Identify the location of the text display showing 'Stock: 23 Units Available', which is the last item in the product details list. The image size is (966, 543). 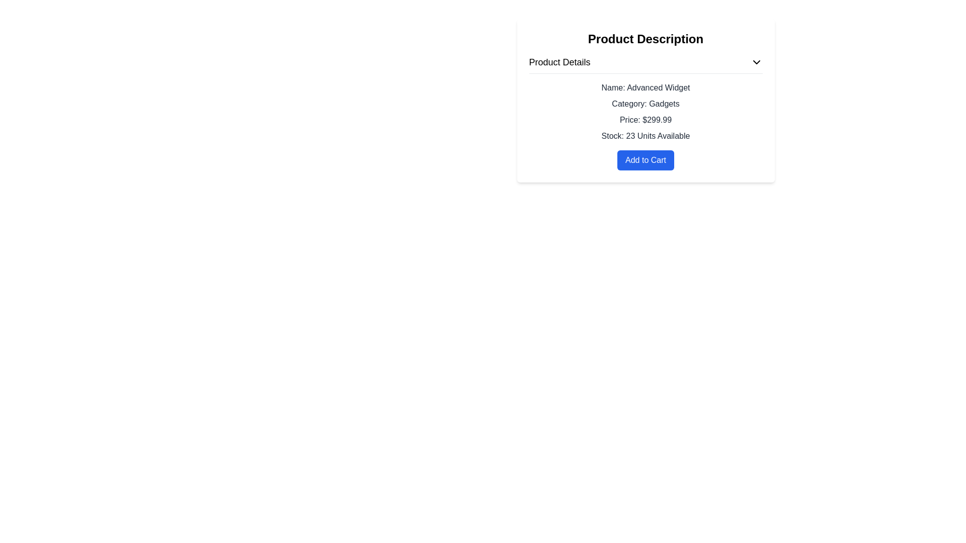
(646, 136).